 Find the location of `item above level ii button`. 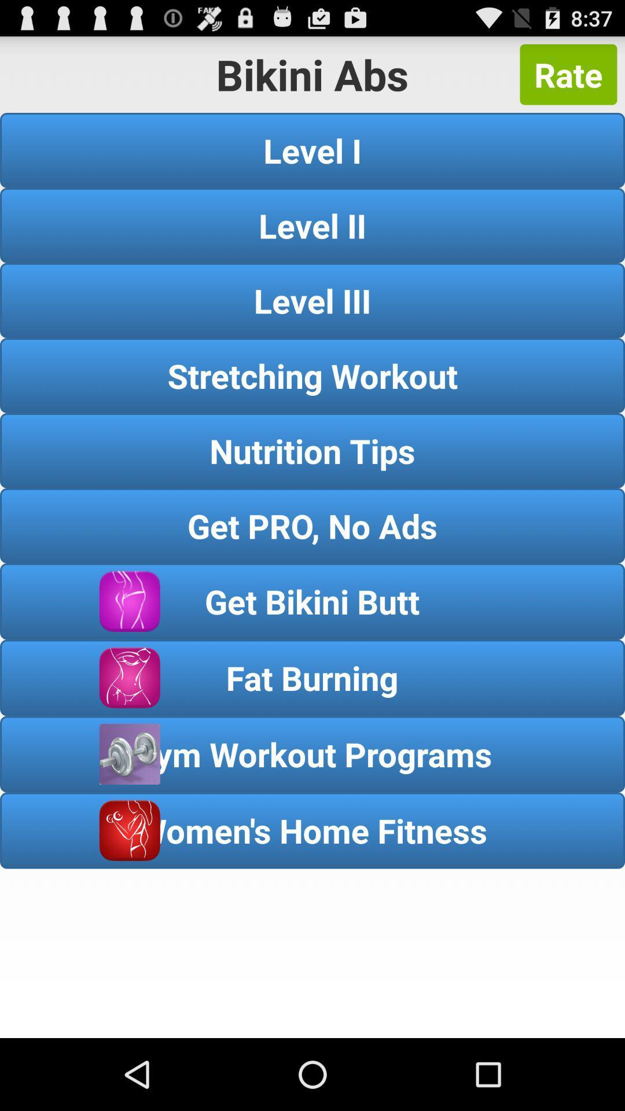

item above level ii button is located at coordinates (312, 149).